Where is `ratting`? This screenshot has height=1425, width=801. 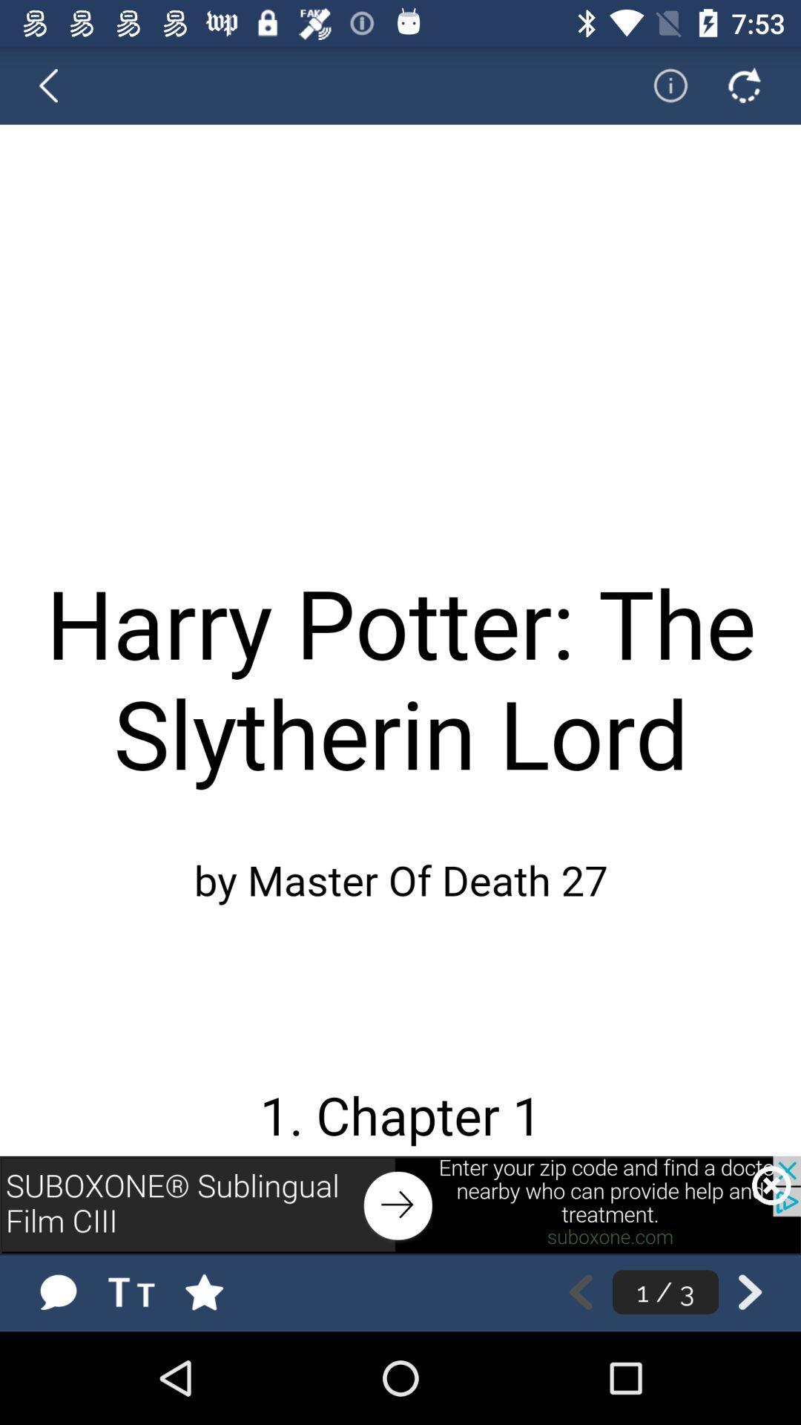 ratting is located at coordinates (219, 1291).